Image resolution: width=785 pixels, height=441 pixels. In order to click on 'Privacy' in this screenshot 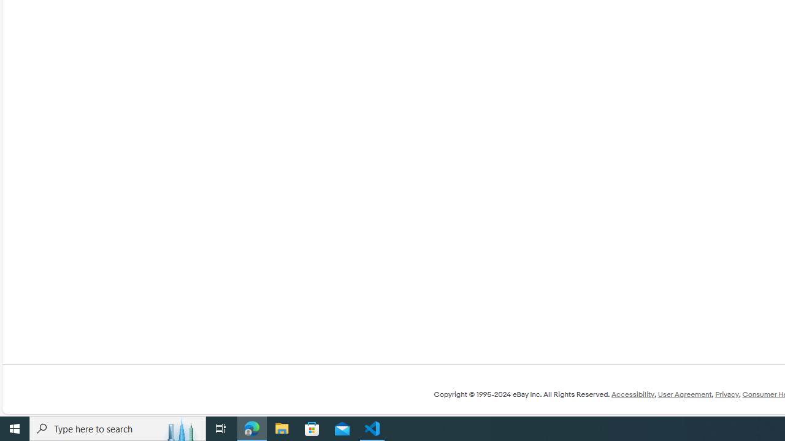, I will do `click(727, 394)`.